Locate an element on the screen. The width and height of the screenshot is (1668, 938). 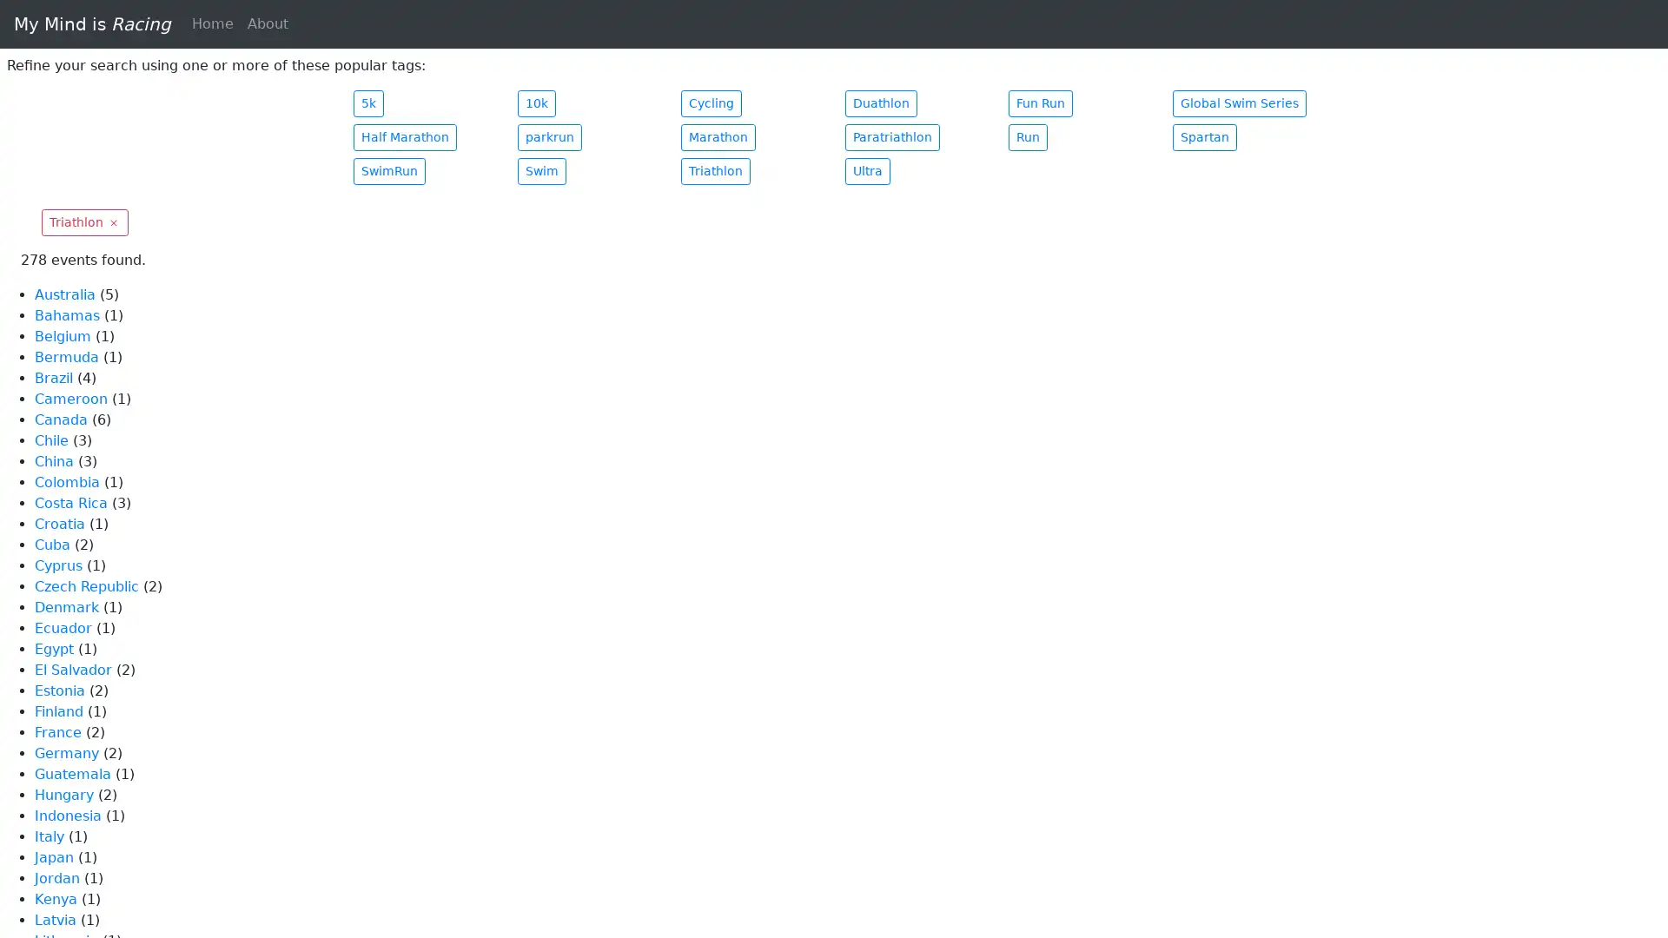
Fun Run is located at coordinates (1041, 103).